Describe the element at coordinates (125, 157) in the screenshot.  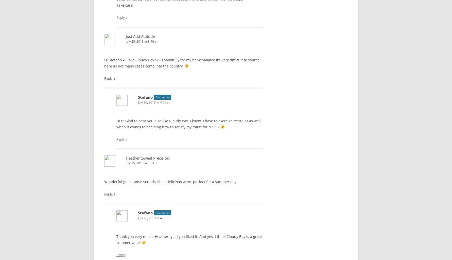
I see `'Heather (Sweet Precision)'` at that location.